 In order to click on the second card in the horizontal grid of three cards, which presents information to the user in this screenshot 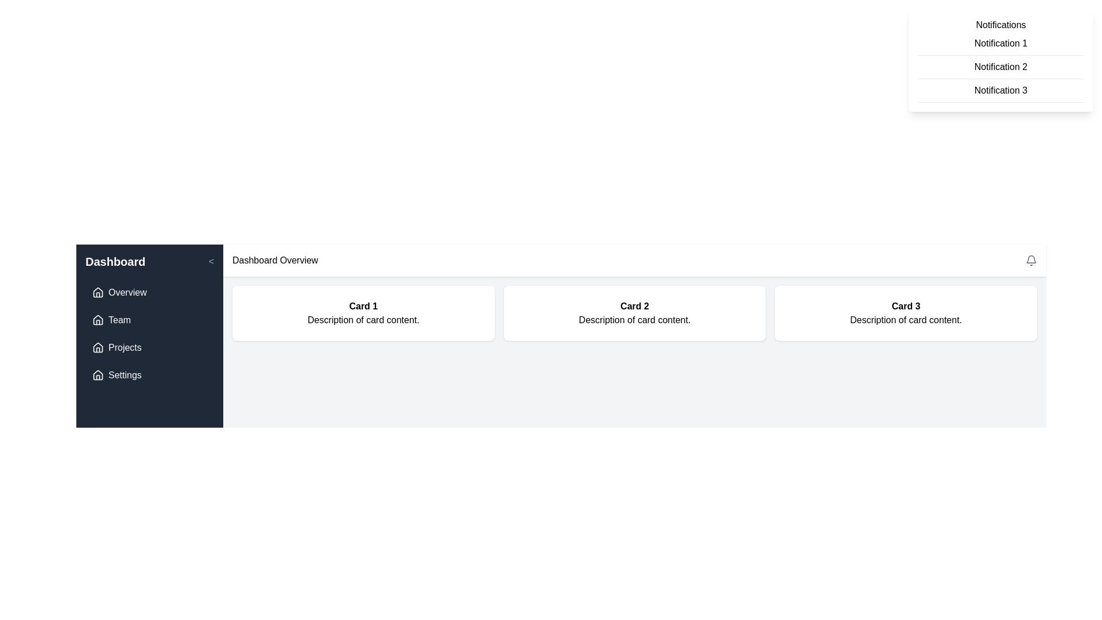, I will do `click(634, 313)`.